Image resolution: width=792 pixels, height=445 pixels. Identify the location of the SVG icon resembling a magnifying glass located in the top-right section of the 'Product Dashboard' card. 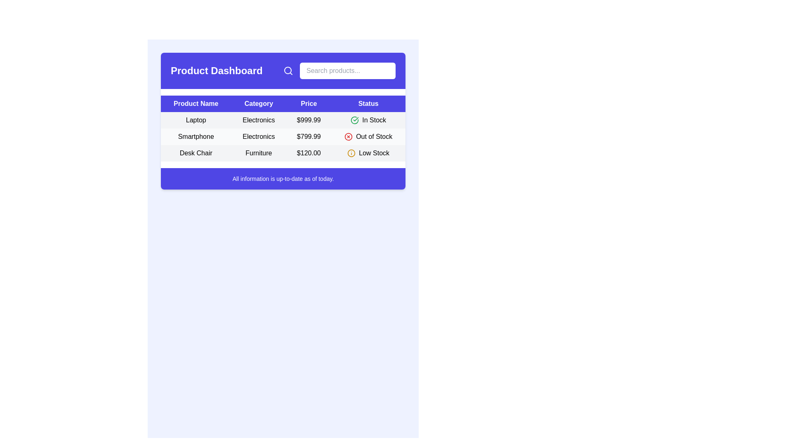
(288, 70).